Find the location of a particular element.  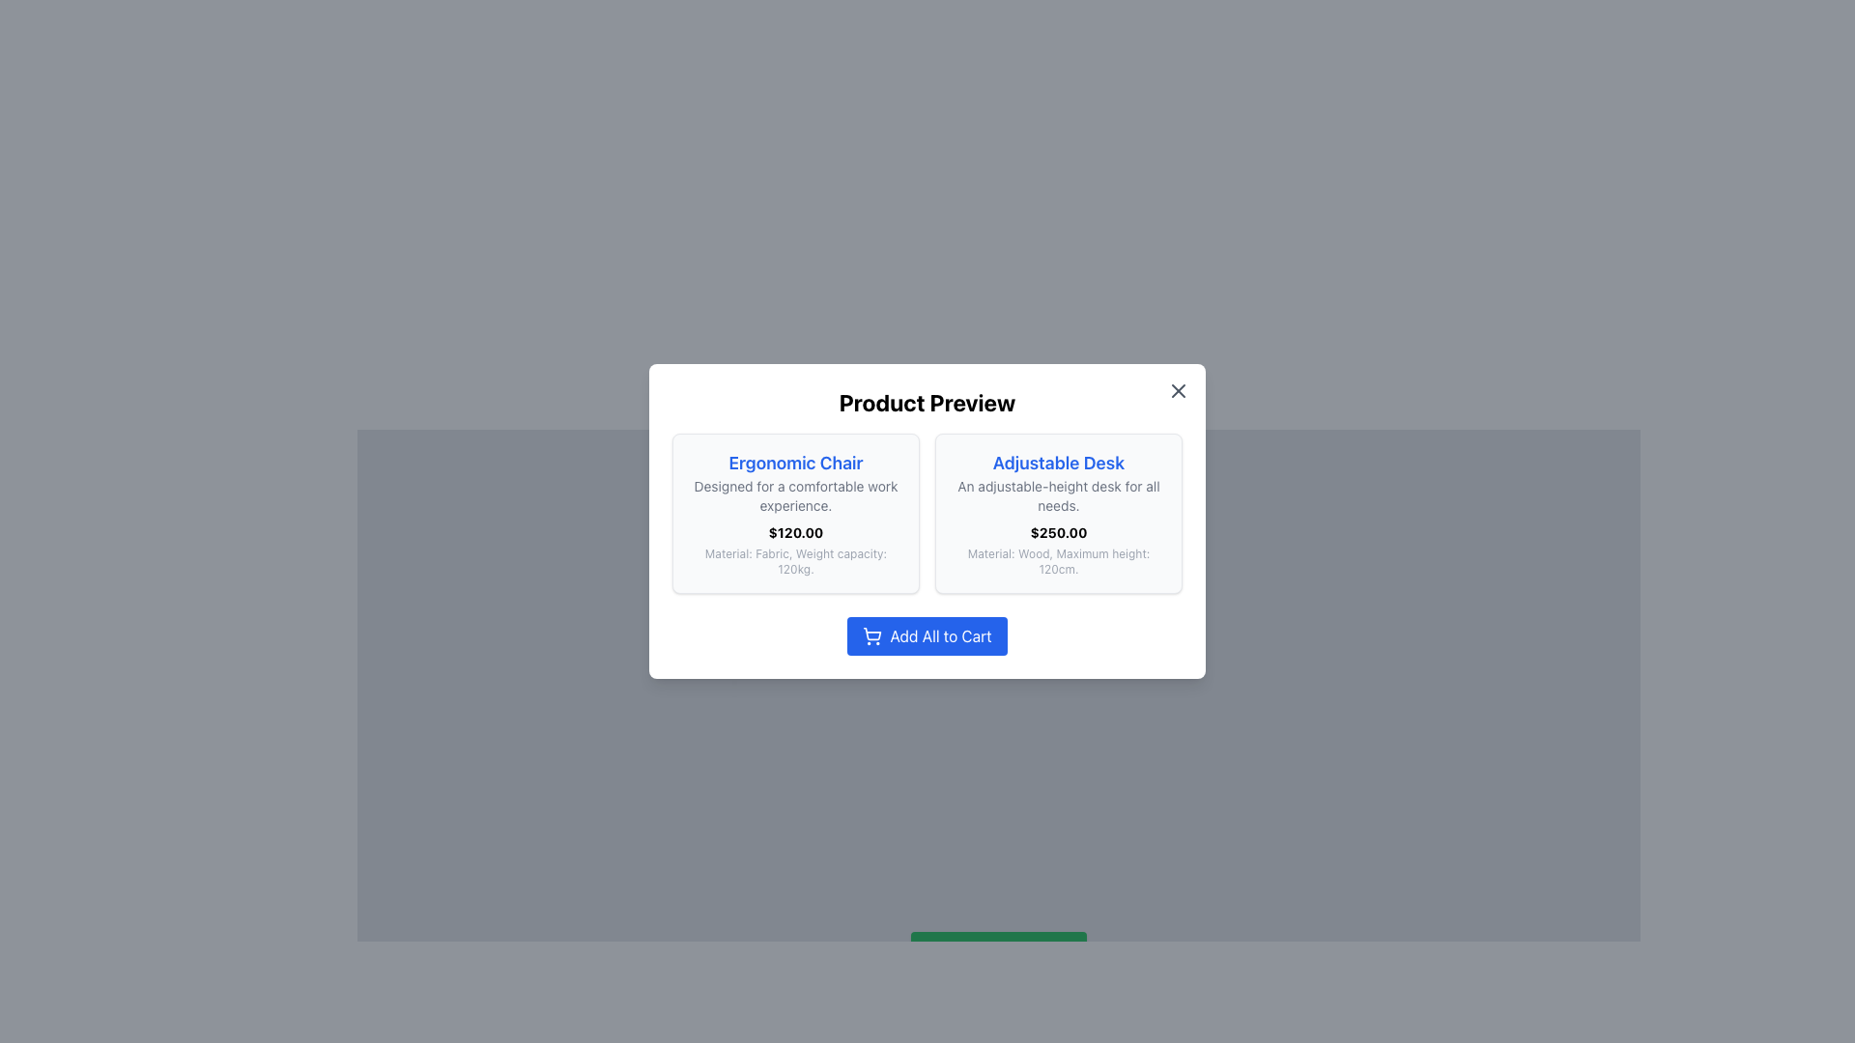

the 'Add All to Cart' button located at the lower center of the white rounded-corner panel to change its background color is located at coordinates (927, 636).